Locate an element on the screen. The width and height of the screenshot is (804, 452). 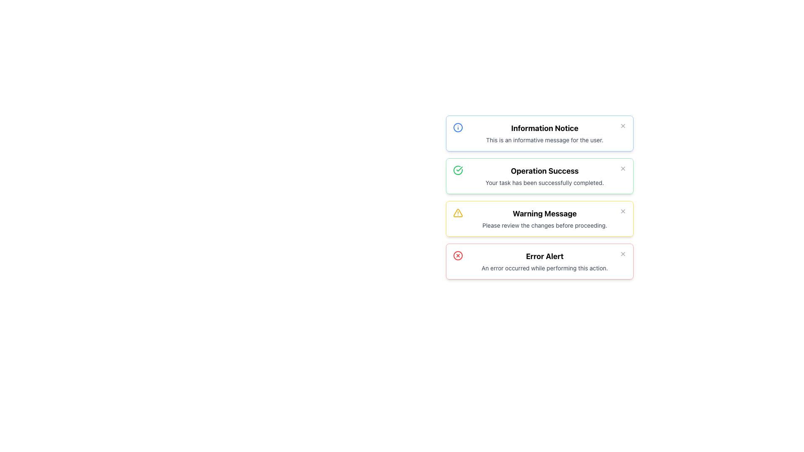
message from the text label that states 'Your task has been successfully completed.' which is styled in smaller gray text and is located below the heading 'Operation Success.' is located at coordinates (544, 182).